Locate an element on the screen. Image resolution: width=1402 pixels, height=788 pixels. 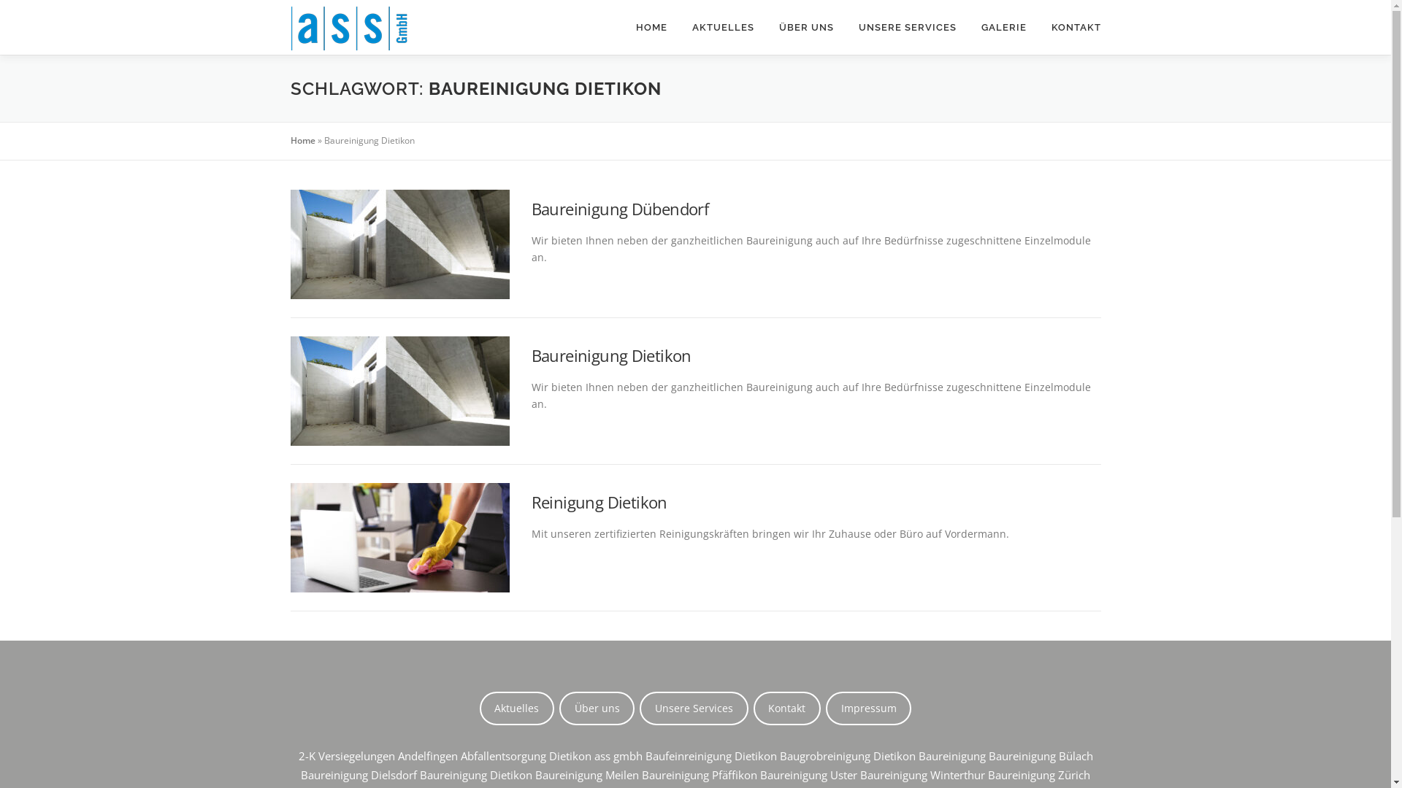
'KONTAKT' is located at coordinates (1069, 27).